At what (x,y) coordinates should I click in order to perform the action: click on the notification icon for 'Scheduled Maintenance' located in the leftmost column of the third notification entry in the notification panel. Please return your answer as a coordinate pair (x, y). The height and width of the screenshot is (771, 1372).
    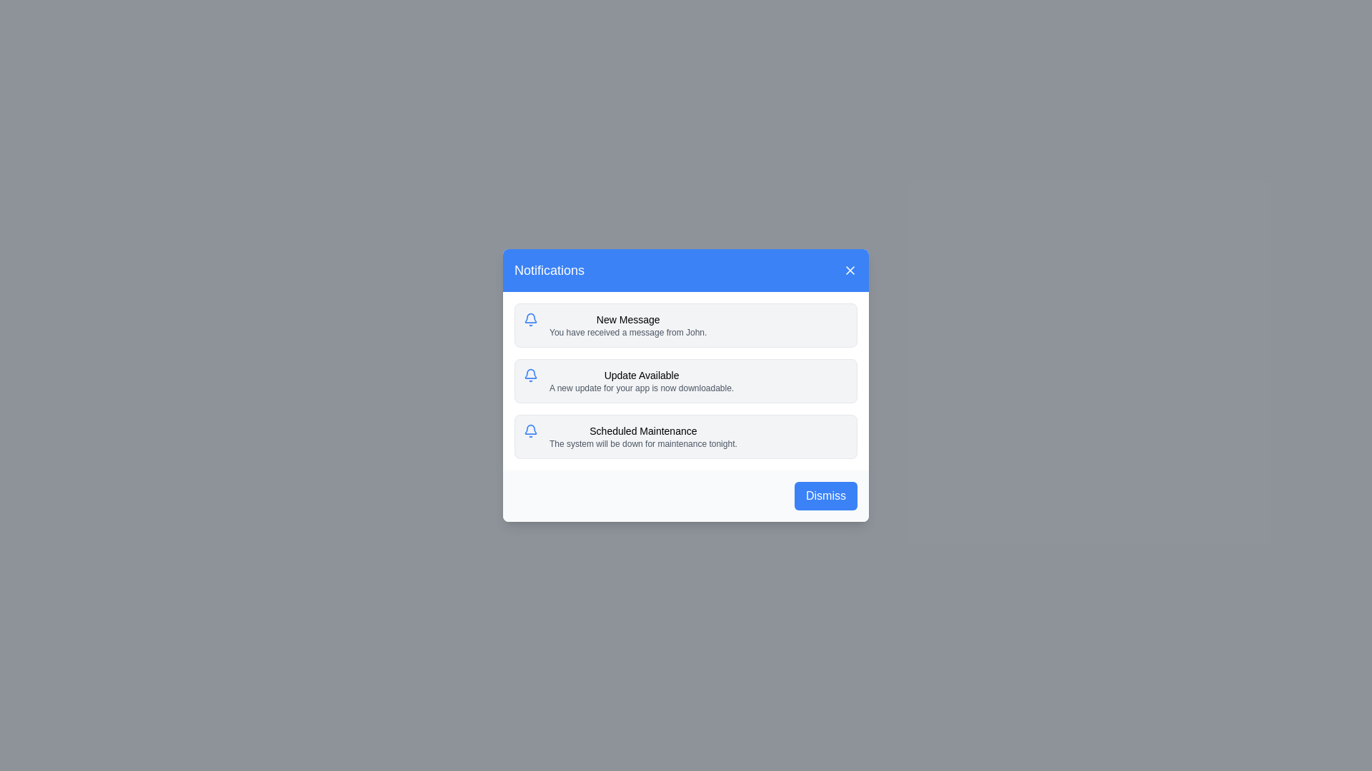
    Looking at the image, I should click on (530, 430).